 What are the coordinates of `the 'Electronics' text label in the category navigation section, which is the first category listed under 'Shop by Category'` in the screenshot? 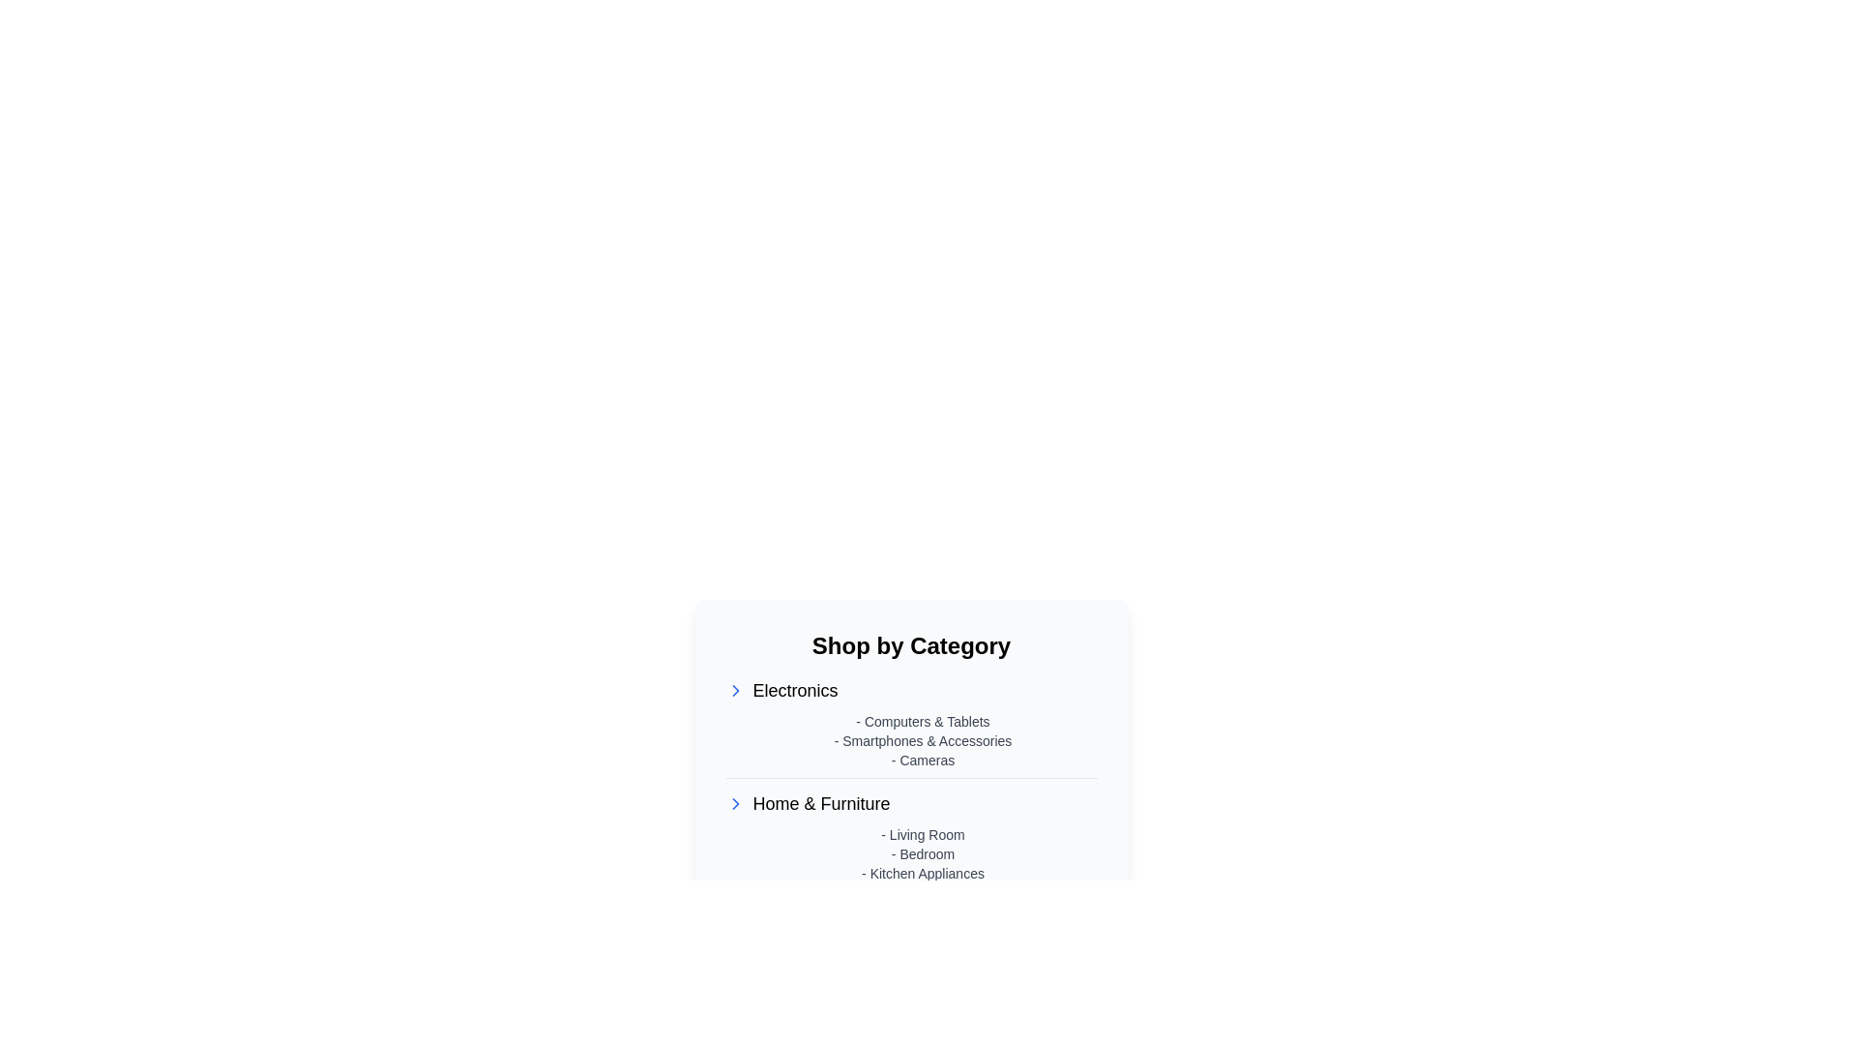 It's located at (795, 689).